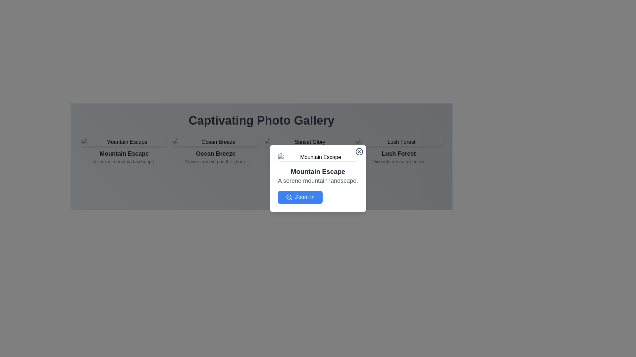  Describe the element at coordinates (289, 197) in the screenshot. I see `the zoom-in icon resembling a magnifying glass with a '+' sign inside it, which is located` at that location.